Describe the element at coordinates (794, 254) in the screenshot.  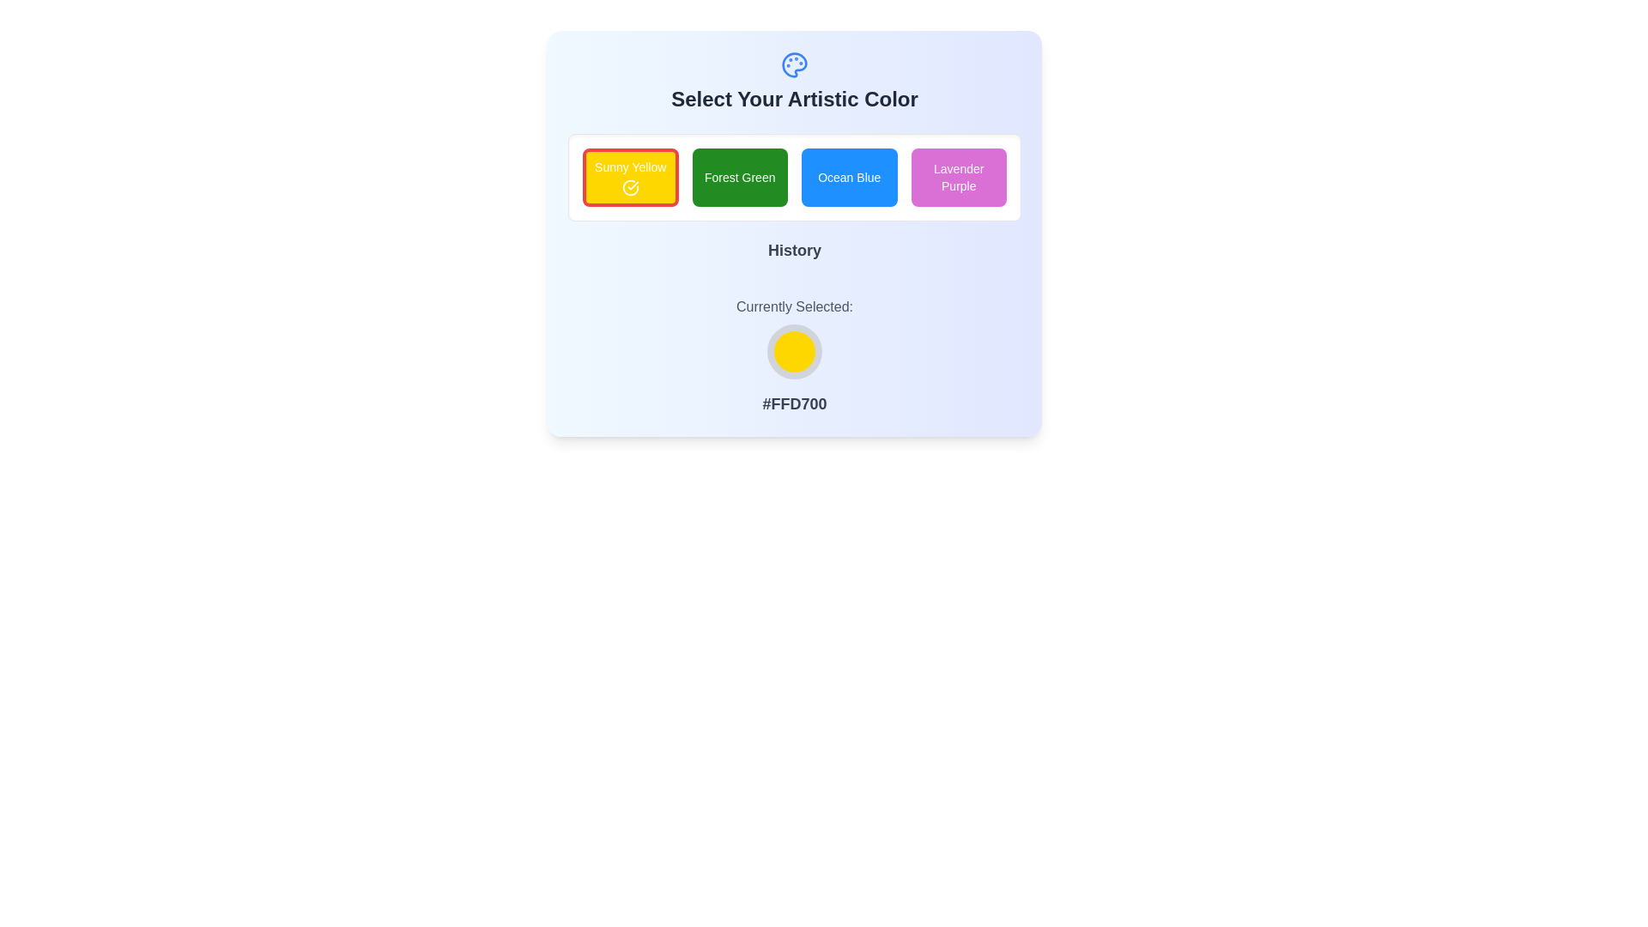
I see `the label indicating the section related to historical actions or choices, positioned below the color selection grid and above the 'Currently Selected' section` at that location.